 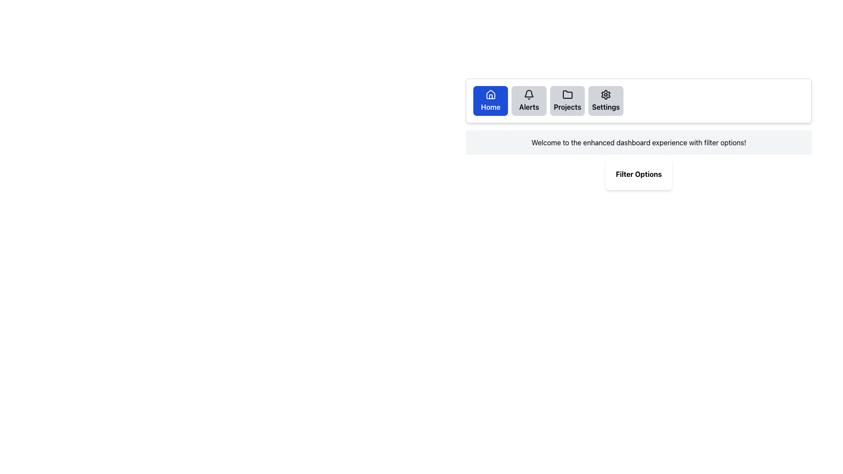 What do you see at coordinates (529, 95) in the screenshot?
I see `the bell icon, which is an outlined vector graphic styled in black with rounded edges, located within the 'Alerts' button at the top-right section of the interface` at bounding box center [529, 95].